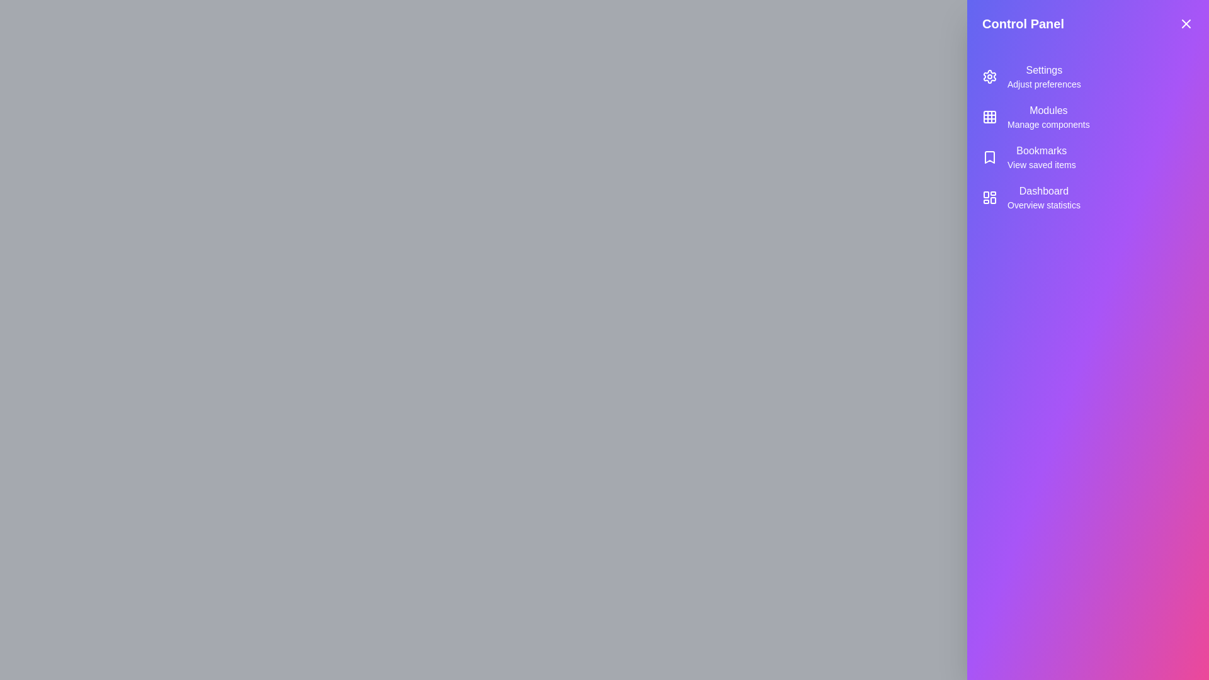 Image resolution: width=1209 pixels, height=680 pixels. What do you see at coordinates (1185, 24) in the screenshot?
I see `the icon-based button featuring a narrow cross shape styled with thin strokes, located at the top-right corner of the 'Control Panel' vertical panel` at bounding box center [1185, 24].